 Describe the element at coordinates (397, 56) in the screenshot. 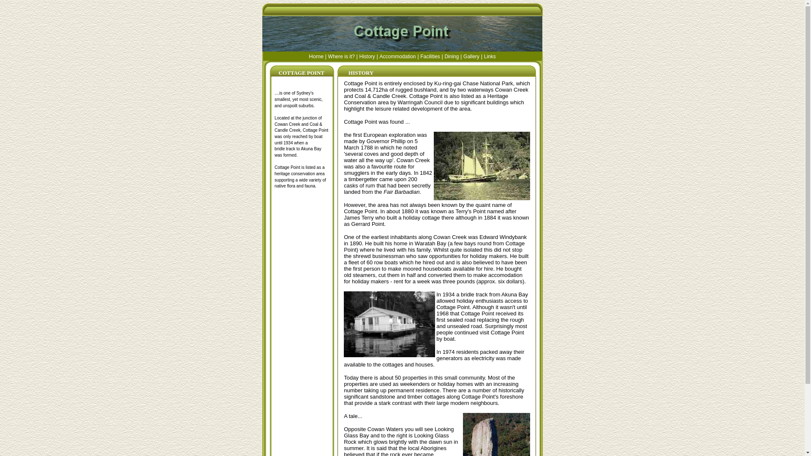

I see `'Accommodation'` at that location.